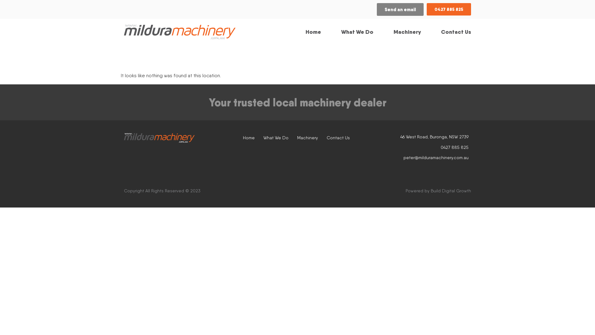 Image resolution: width=595 pixels, height=335 pixels. I want to click on 'Contact Us', so click(338, 137).